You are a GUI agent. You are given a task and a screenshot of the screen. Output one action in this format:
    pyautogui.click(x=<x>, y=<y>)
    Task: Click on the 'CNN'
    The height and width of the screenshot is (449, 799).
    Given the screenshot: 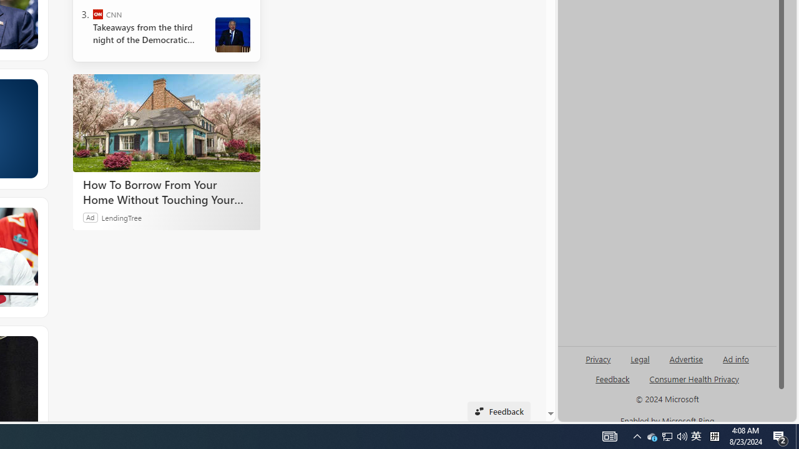 What is the action you would take?
    pyautogui.click(x=97, y=14)
    